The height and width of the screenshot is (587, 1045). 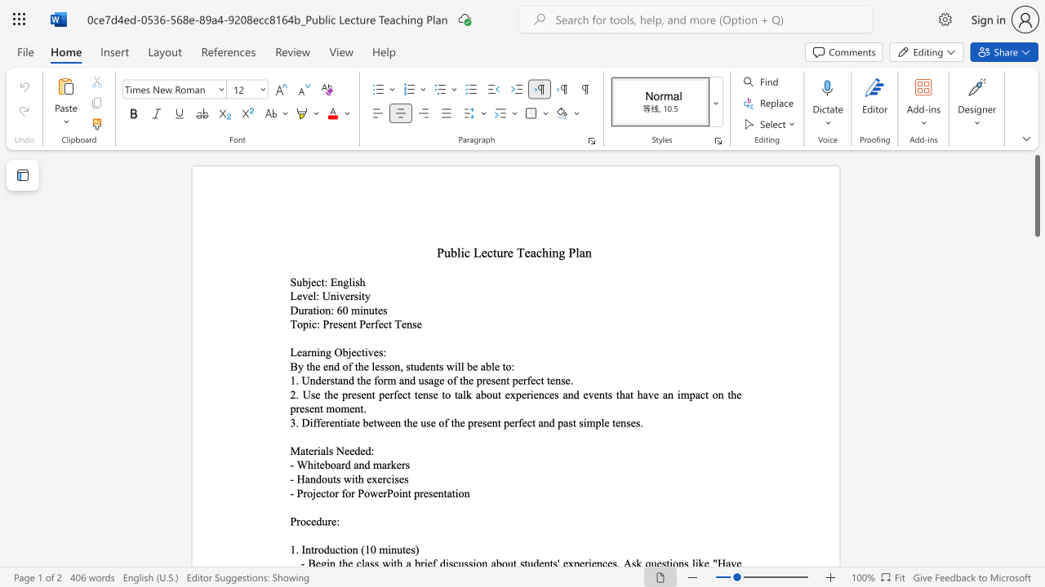 I want to click on the subset text "with exe" within the text "- Handouts with exercises", so click(x=342, y=478).